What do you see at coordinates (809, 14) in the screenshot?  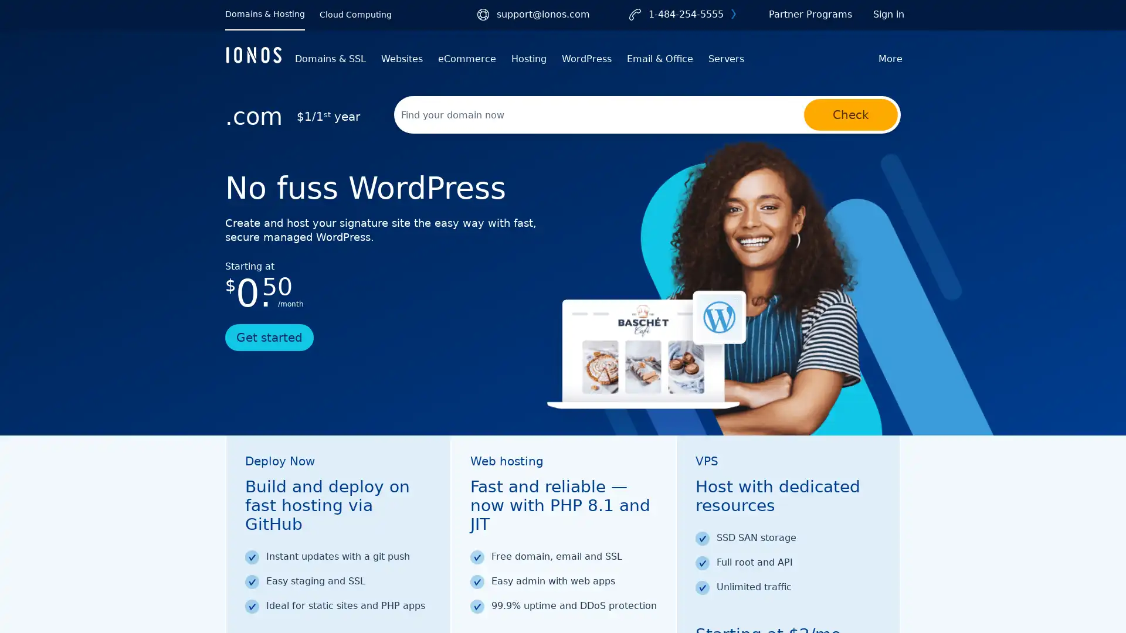 I see `Partner Programs` at bounding box center [809, 14].